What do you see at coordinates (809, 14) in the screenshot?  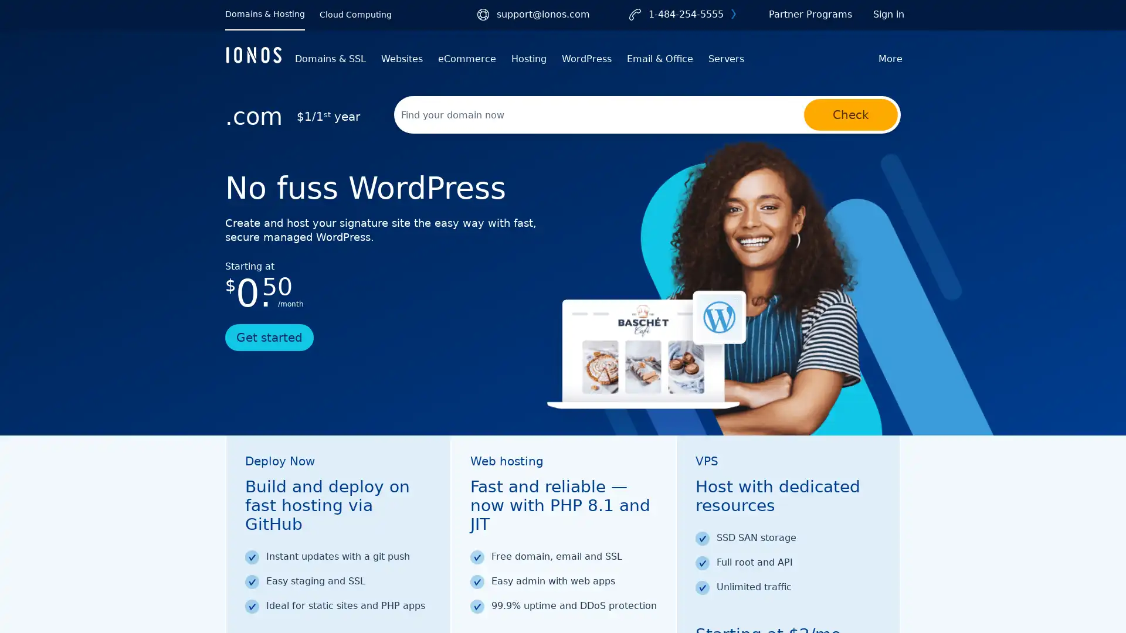 I see `Partner Programs` at bounding box center [809, 14].